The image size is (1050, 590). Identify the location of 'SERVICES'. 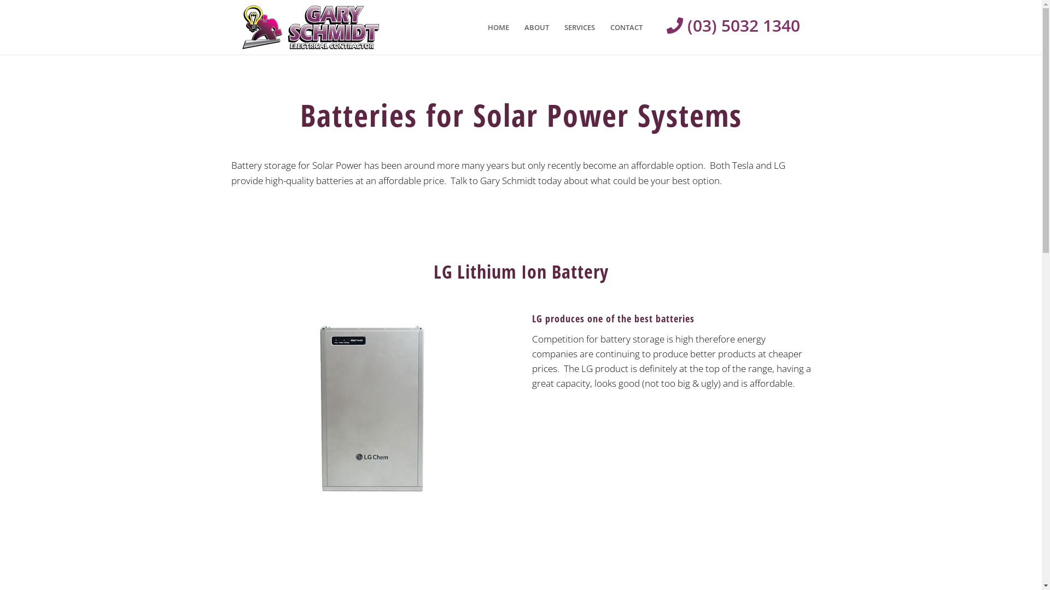
(556, 27).